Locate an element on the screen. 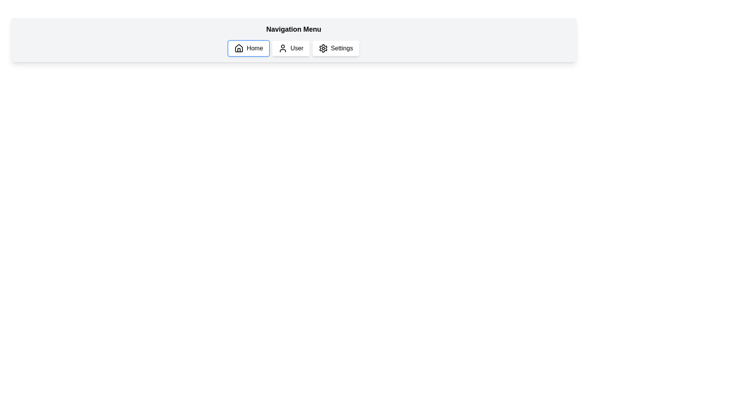  the settings icon located in the navigation bar, which is part of the 'Settings' menu item and positioned to the right of the 'User' menu item is located at coordinates (323, 48).